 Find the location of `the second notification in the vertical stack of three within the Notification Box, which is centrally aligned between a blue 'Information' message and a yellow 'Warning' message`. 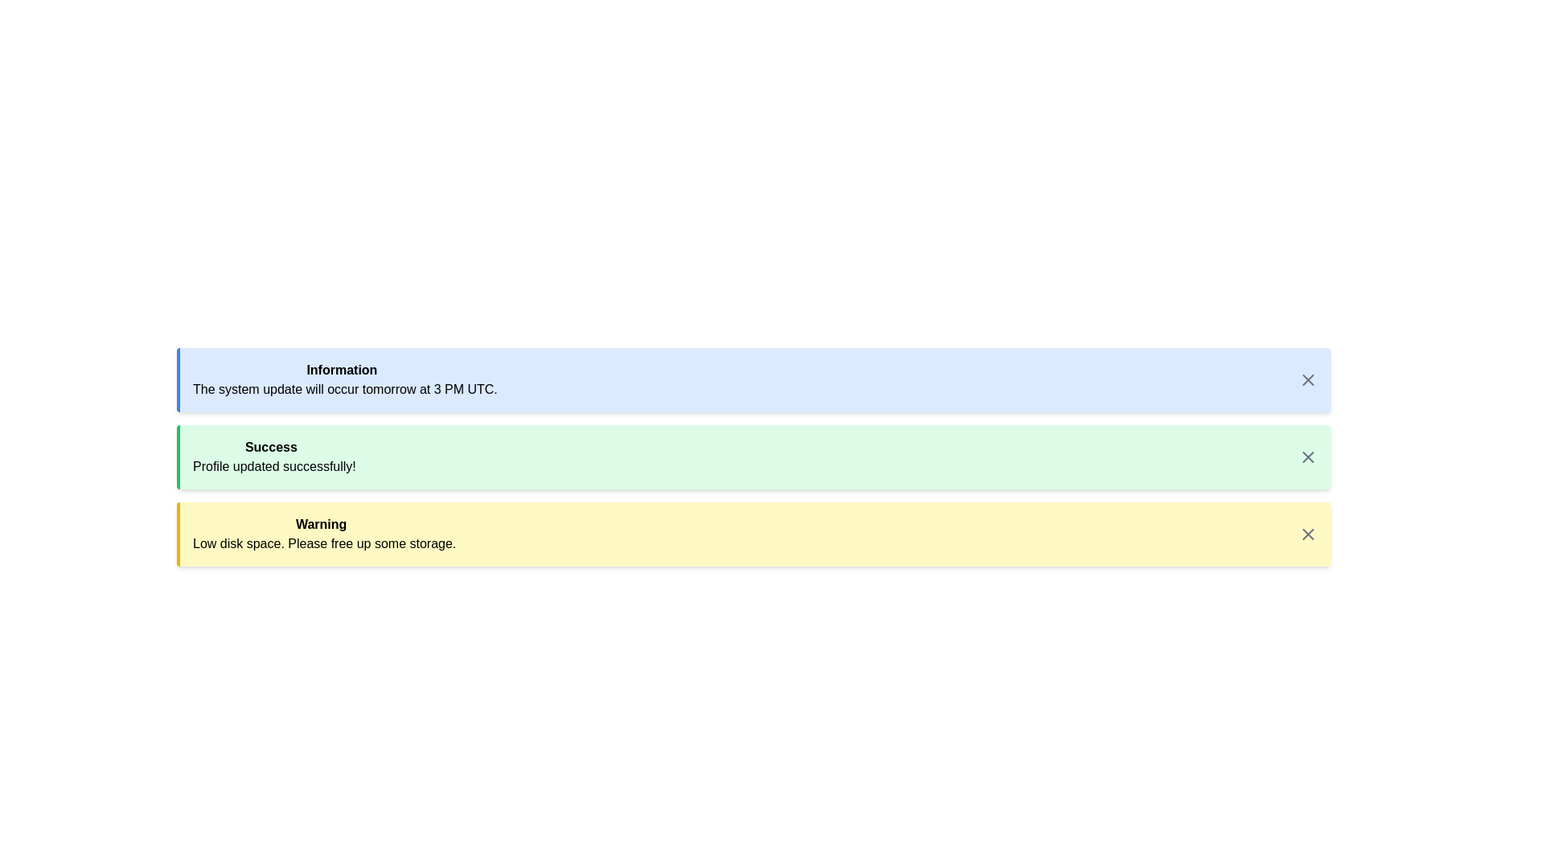

the second notification in the vertical stack of three within the Notification Box, which is centrally aligned between a blue 'Information' message and a yellow 'Warning' message is located at coordinates (753, 457).